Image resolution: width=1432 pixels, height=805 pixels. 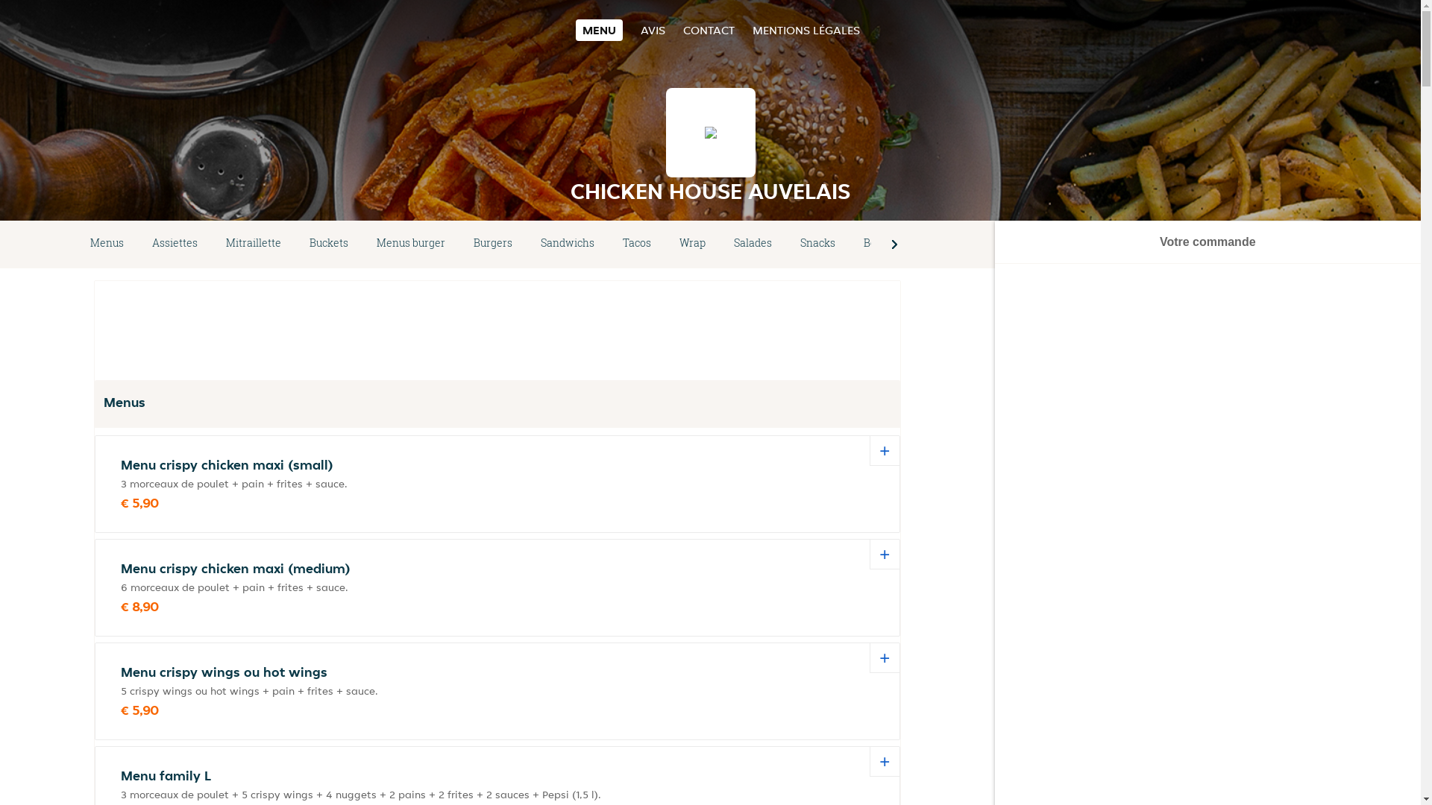 I want to click on 'Menus burger', so click(x=411, y=243).